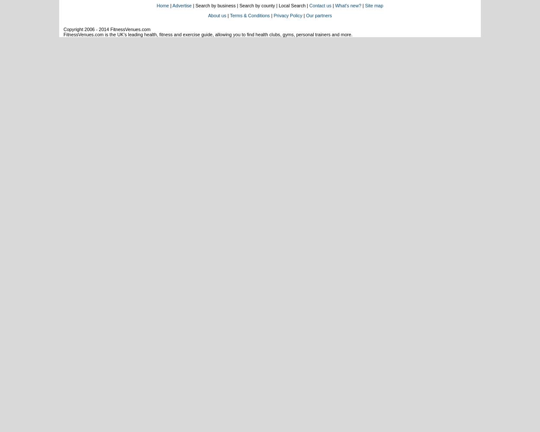 The image size is (540, 432). What do you see at coordinates (217, 16) in the screenshot?
I see `'About us'` at bounding box center [217, 16].